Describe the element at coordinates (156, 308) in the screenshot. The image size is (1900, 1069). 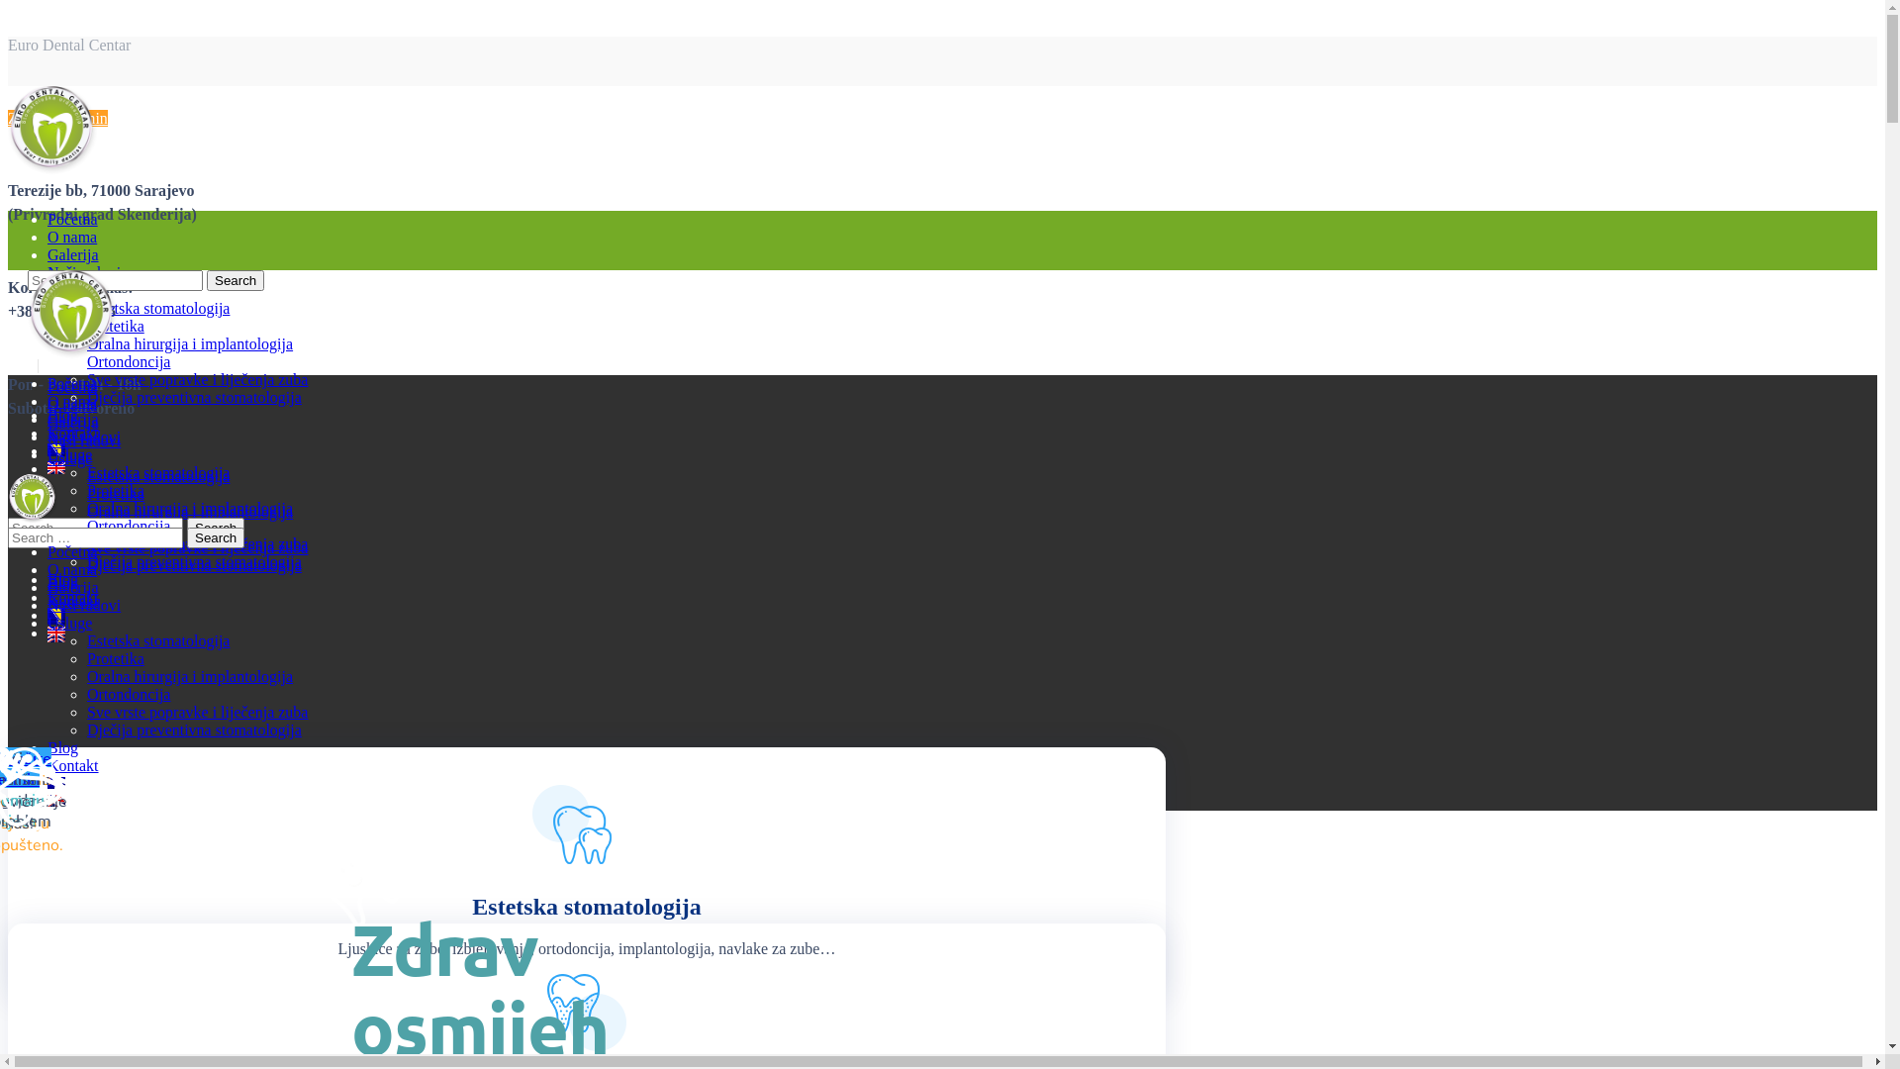
I see `'Estetska stomatologija'` at that location.